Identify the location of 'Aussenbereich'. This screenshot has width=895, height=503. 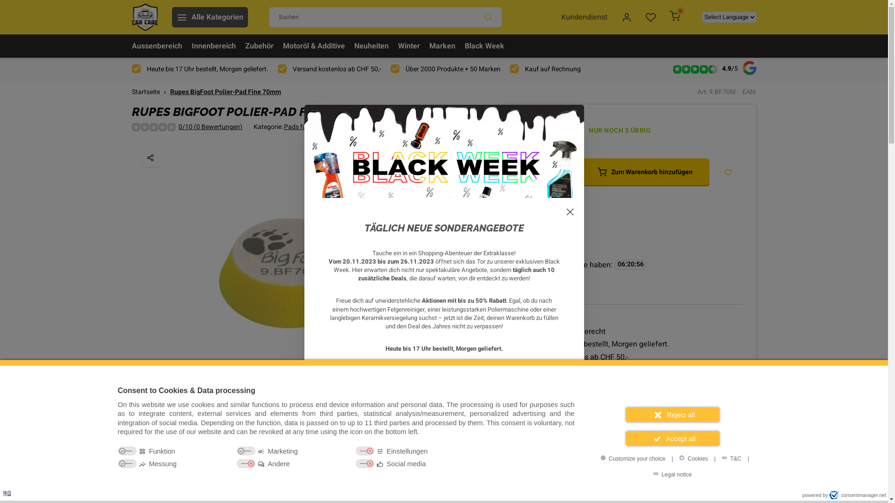
(157, 46).